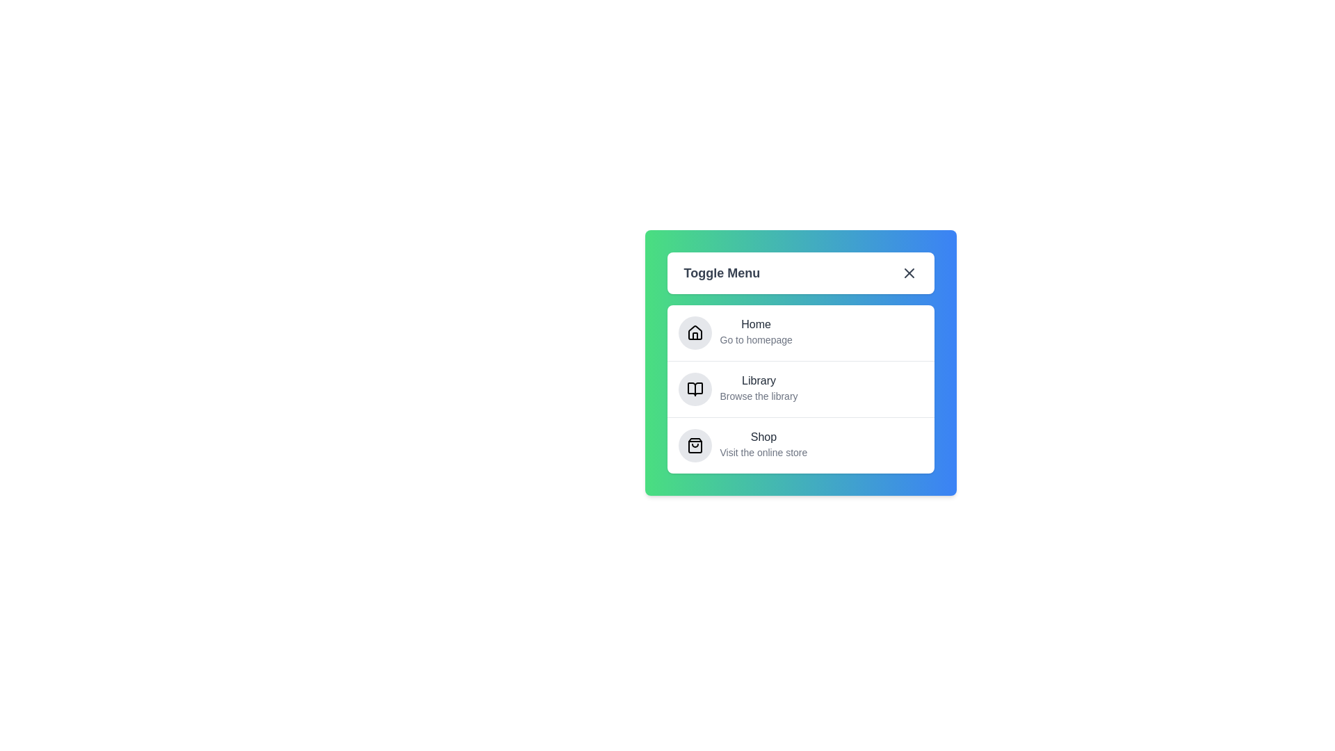  Describe the element at coordinates (758, 380) in the screenshot. I see `the menu item Library` at that location.